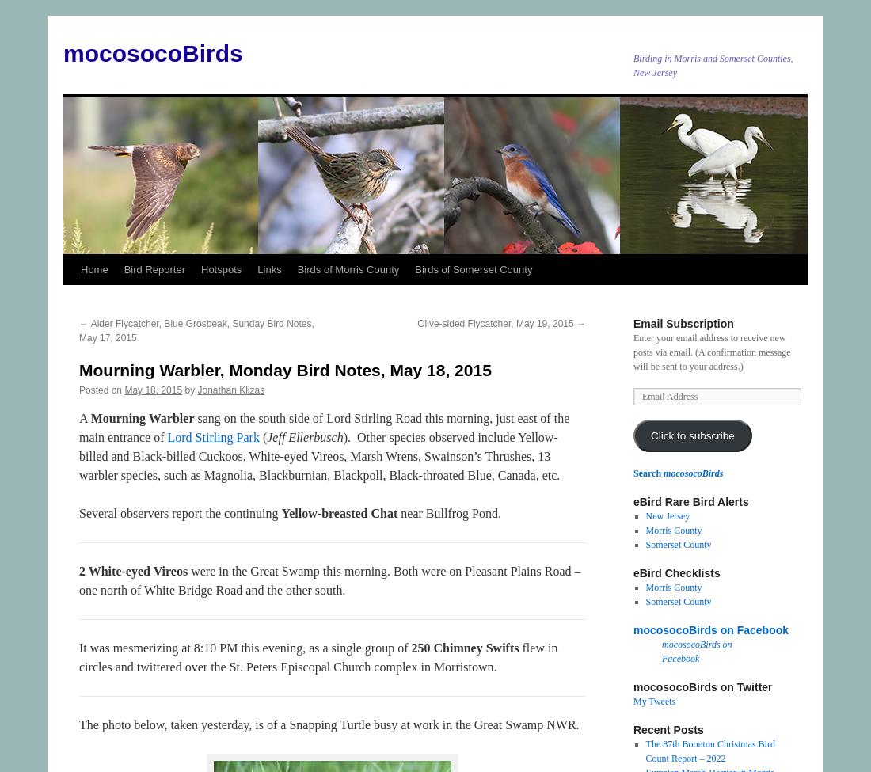 This screenshot has height=772, width=871. What do you see at coordinates (285, 370) in the screenshot?
I see `'Mourning Warbler, Monday Bird Notes, May 18, 2015'` at bounding box center [285, 370].